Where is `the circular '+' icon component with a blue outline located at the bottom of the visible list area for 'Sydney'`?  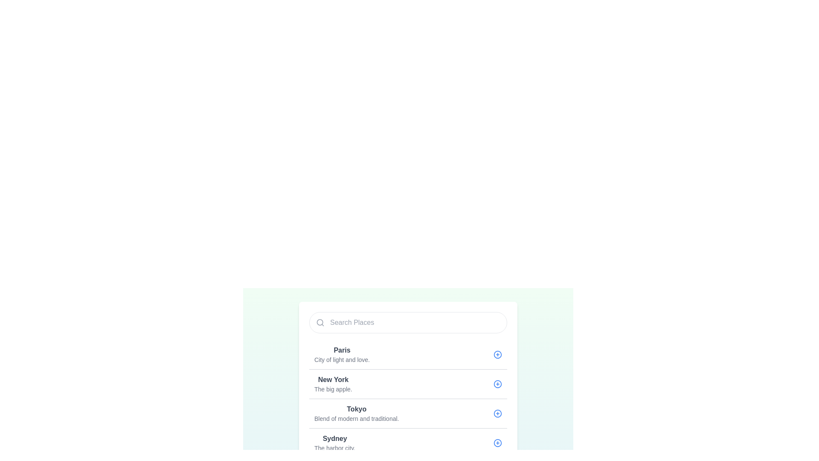 the circular '+' icon component with a blue outline located at the bottom of the visible list area for 'Sydney' is located at coordinates (497, 442).